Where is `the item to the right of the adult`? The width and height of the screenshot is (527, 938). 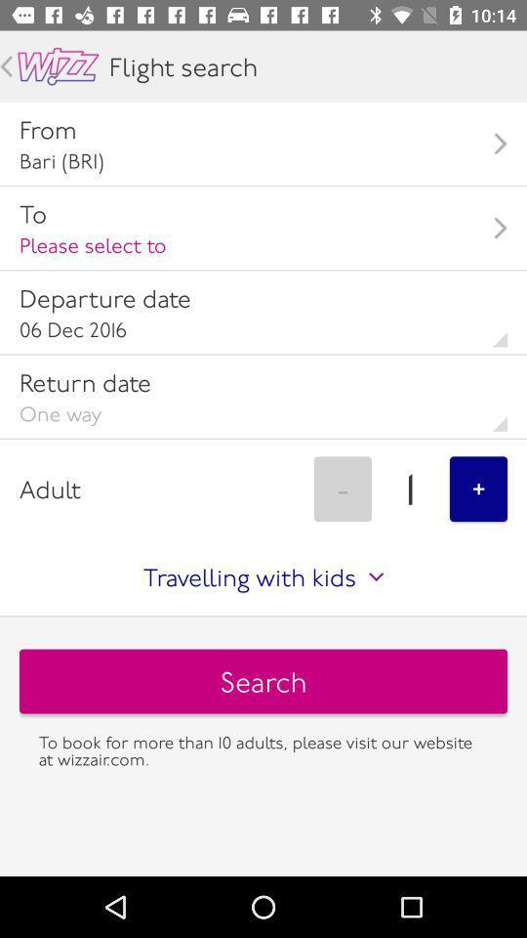
the item to the right of the adult is located at coordinates (342, 488).